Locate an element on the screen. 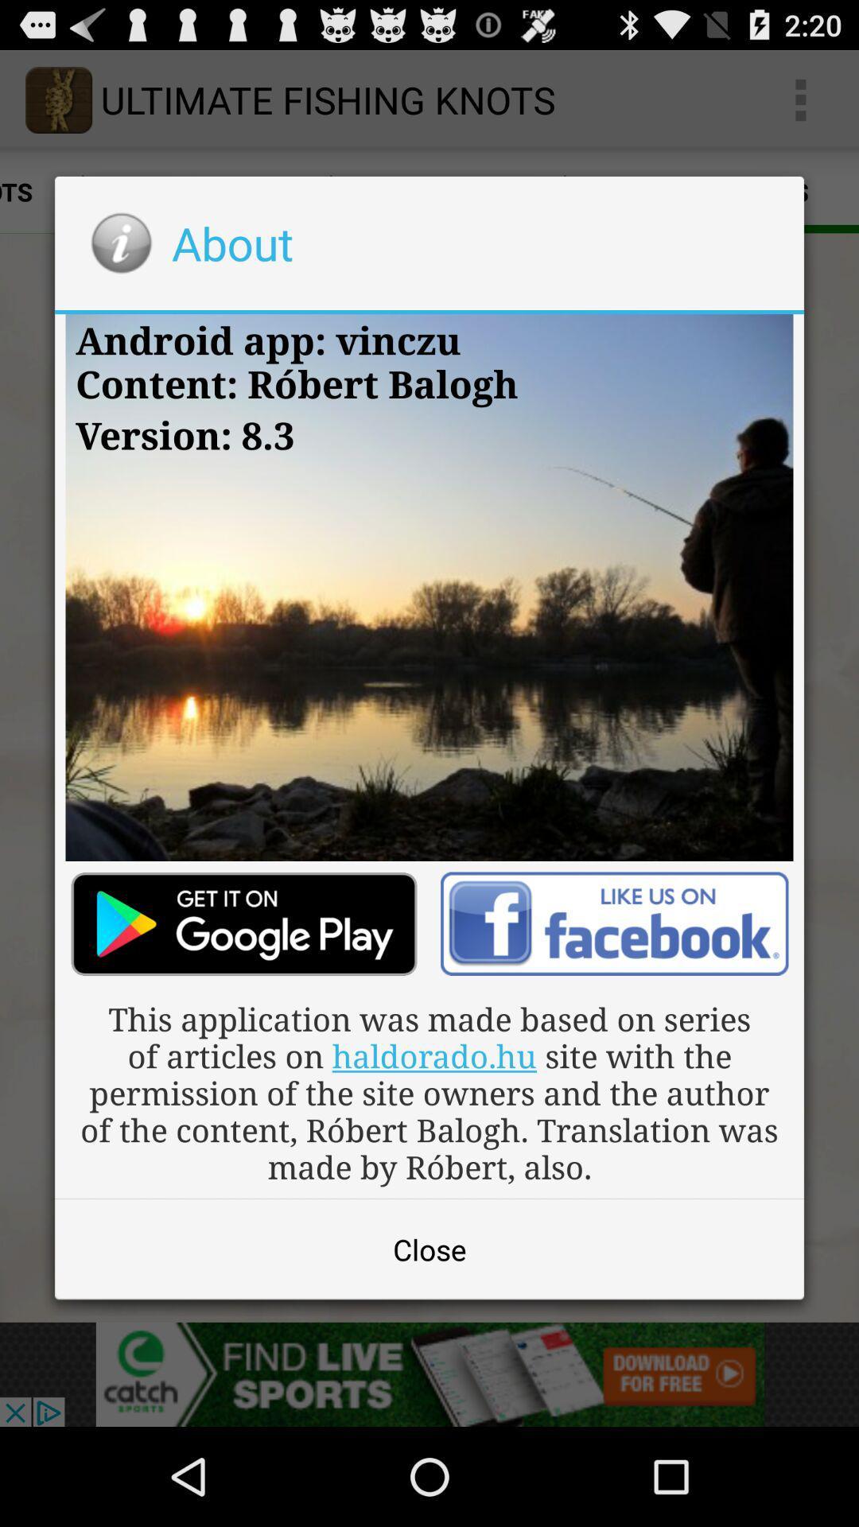 The image size is (859, 1527). download app is located at coordinates (244, 924).